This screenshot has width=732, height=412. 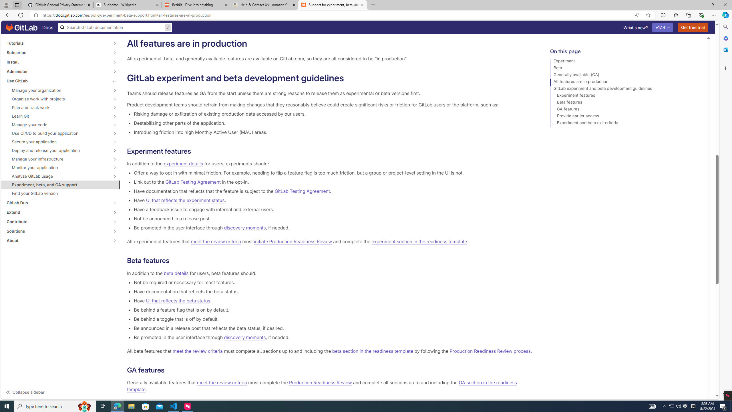 I want to click on 'Provide earlier access', so click(x=626, y=116).